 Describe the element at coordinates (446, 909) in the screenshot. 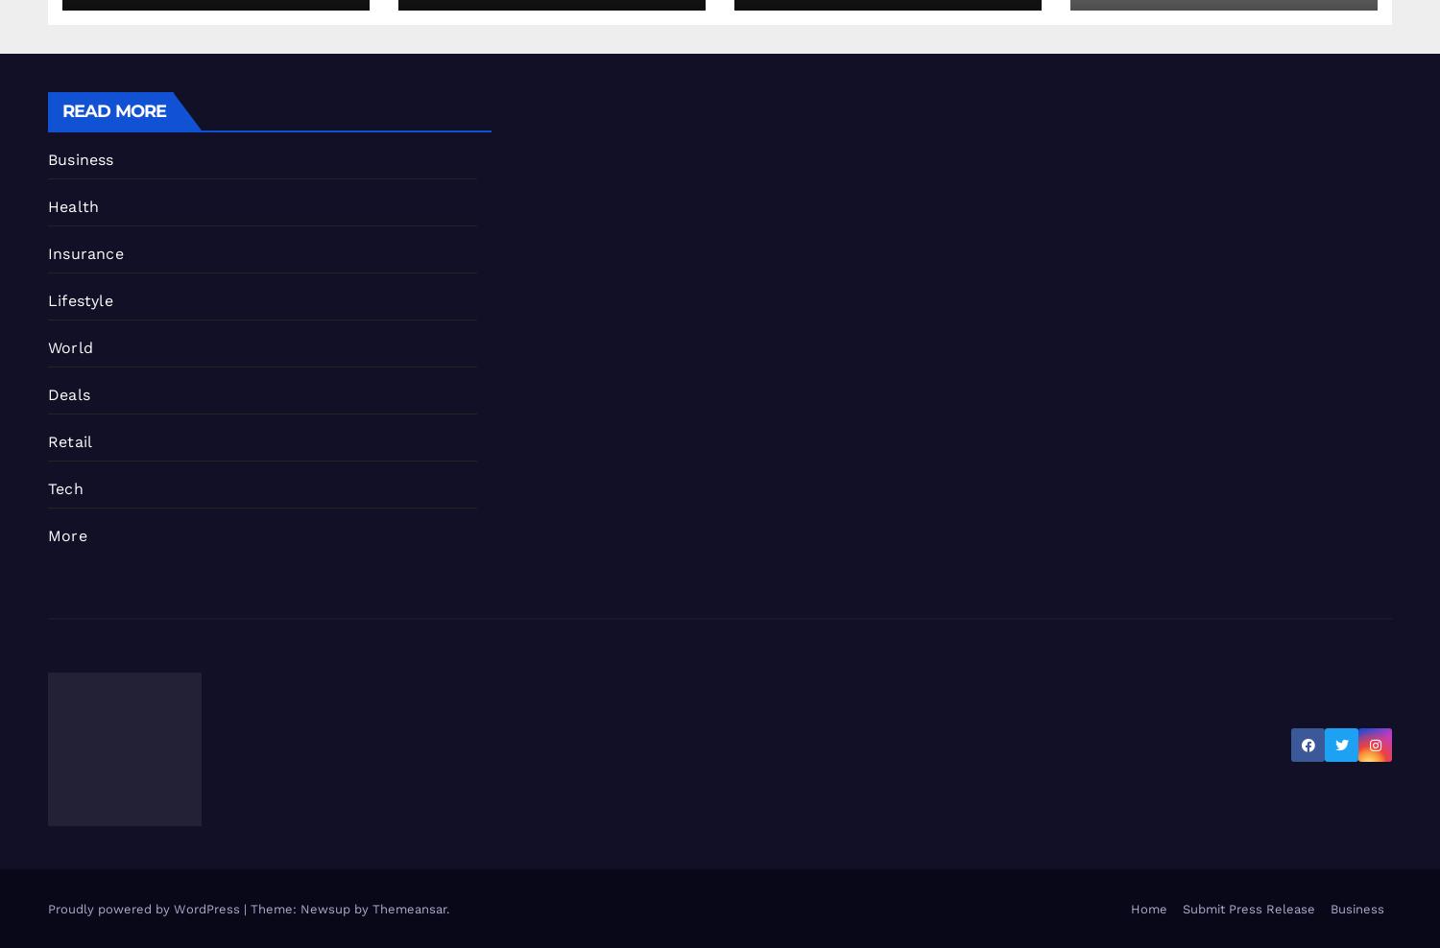

I see `'.'` at that location.